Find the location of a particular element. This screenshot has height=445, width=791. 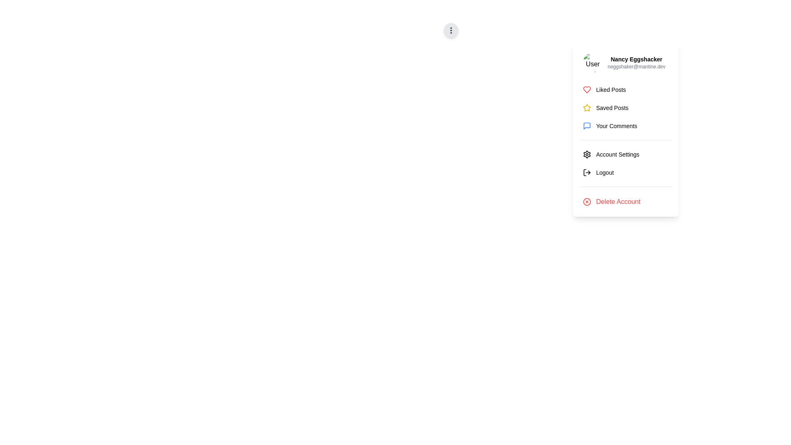

the 'Saved Posts' icon, which is the second option in the vertical list of menu items is located at coordinates (587, 108).